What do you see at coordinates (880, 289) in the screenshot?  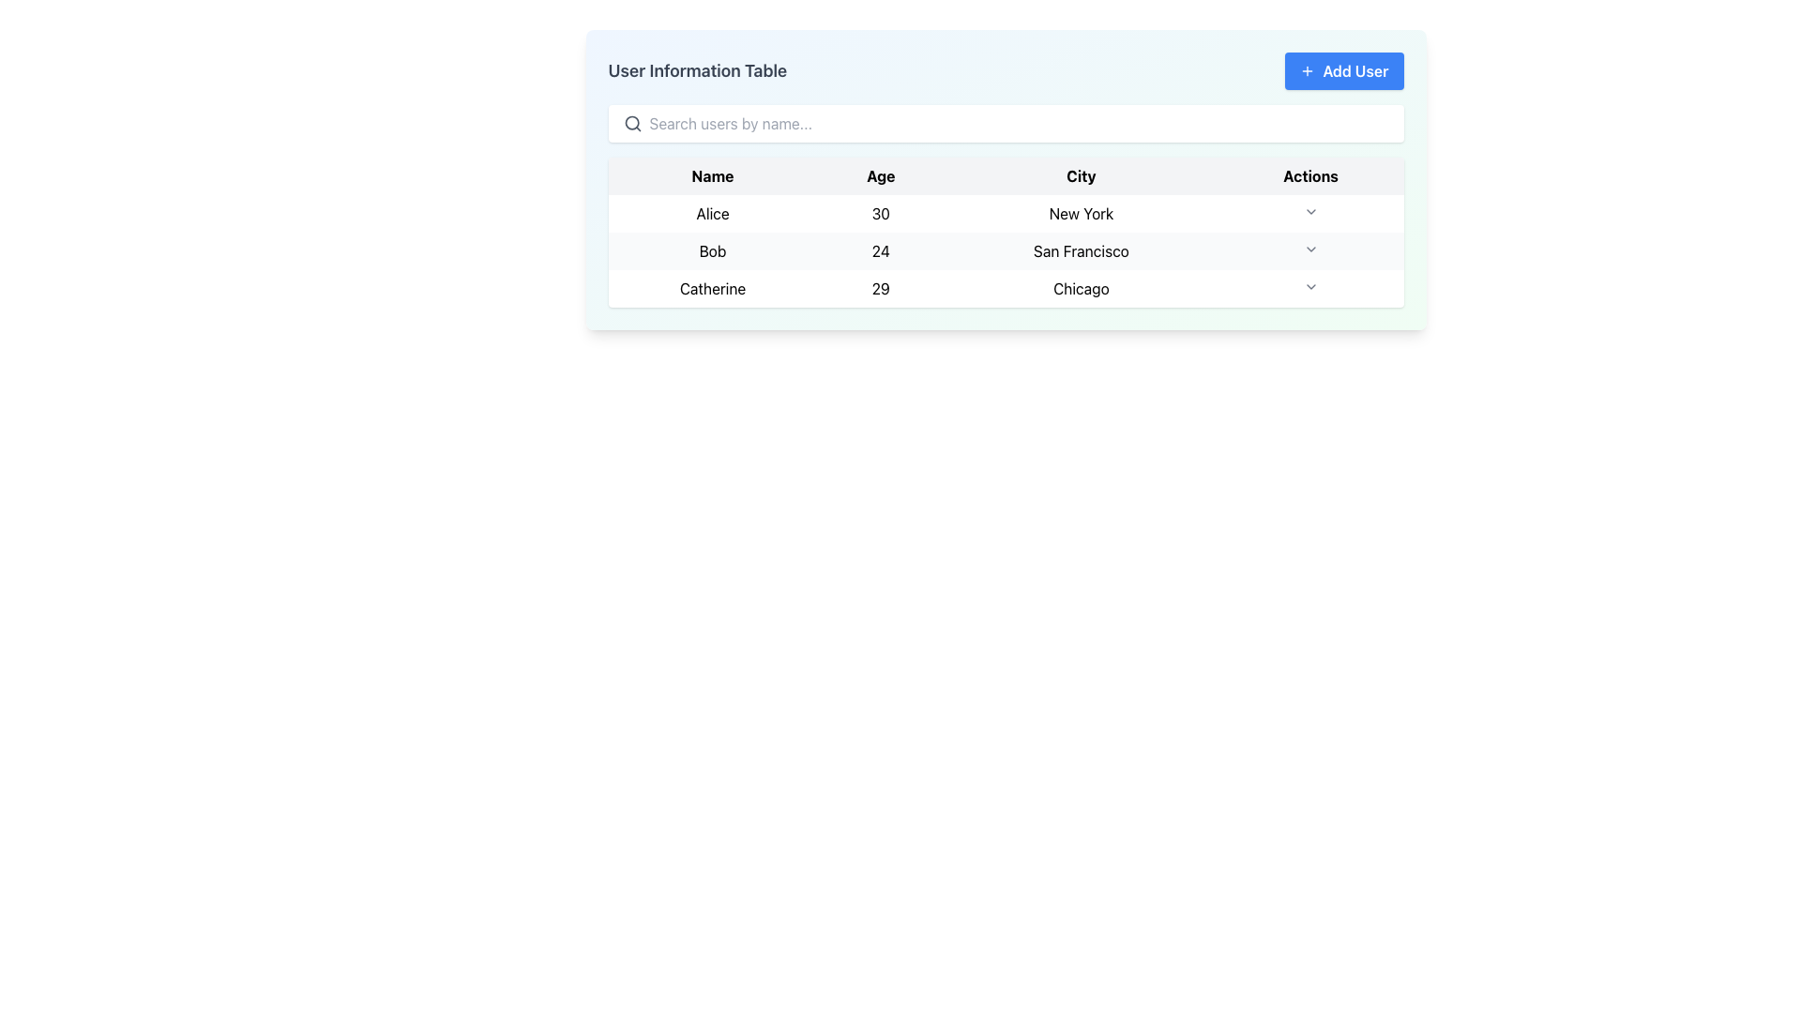 I see `the numerical text label displaying '29' in the 'Age' column of the tabular layout, which is located in the second column of the third row, centered between 'Catherine' and 'Chicago'` at bounding box center [880, 289].